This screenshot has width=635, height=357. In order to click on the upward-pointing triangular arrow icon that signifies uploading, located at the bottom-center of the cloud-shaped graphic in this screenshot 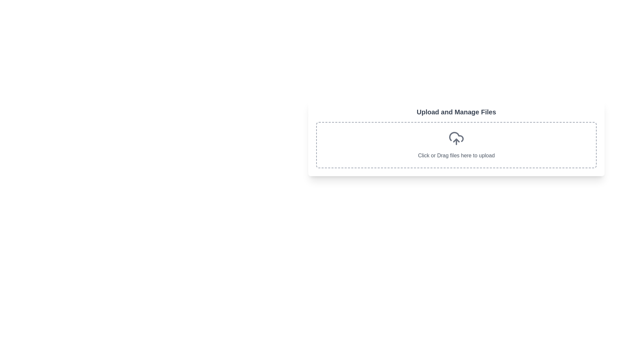, I will do `click(456, 140)`.